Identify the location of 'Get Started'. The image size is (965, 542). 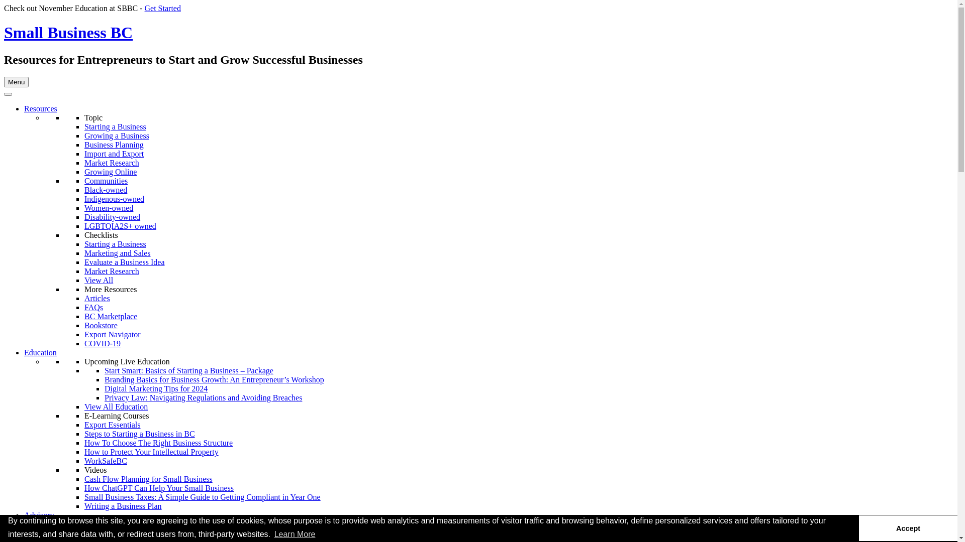
(163, 8).